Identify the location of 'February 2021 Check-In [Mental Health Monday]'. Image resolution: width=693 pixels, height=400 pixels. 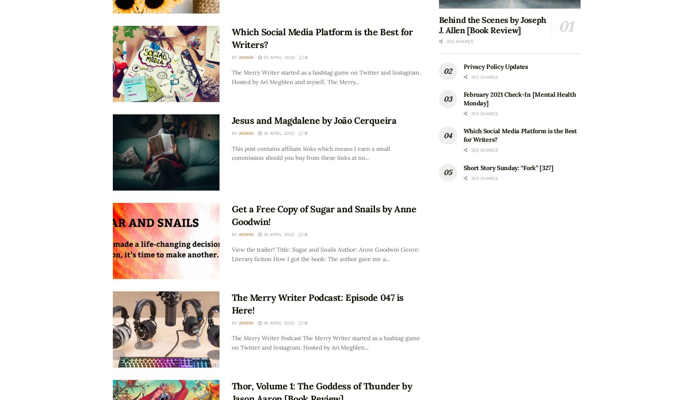
(462, 98).